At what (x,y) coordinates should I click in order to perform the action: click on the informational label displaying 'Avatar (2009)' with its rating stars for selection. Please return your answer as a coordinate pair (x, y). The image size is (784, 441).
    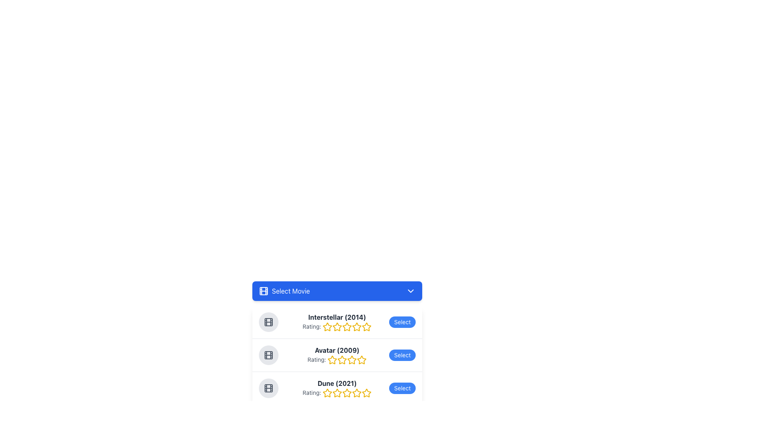
    Looking at the image, I should click on (337, 355).